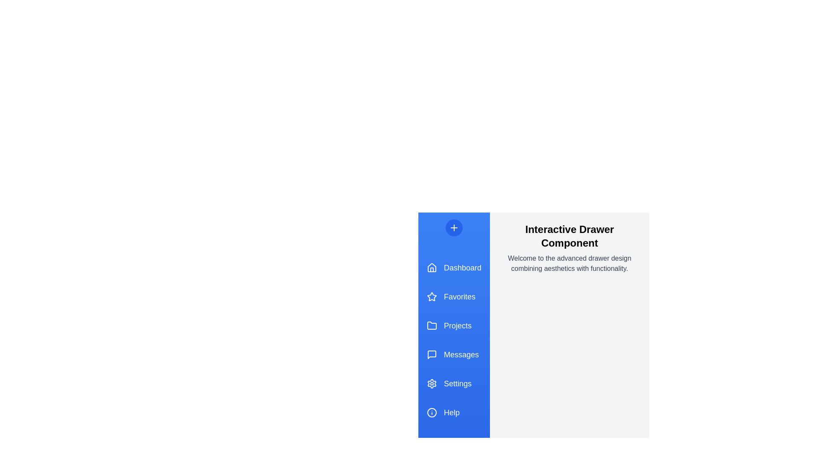 This screenshot has width=818, height=460. I want to click on toggle button to change the drawer's open/close state, so click(453, 227).